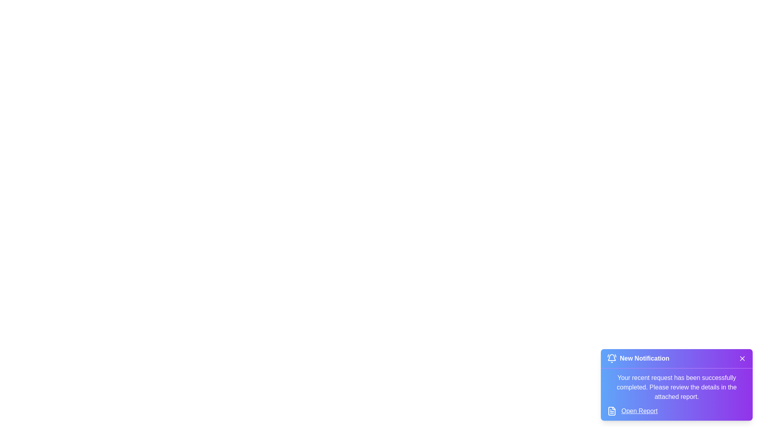  I want to click on the Text Label located in the top-right corner of the notification pop-up, which serves as the title or heading for the notification, so click(644, 358).